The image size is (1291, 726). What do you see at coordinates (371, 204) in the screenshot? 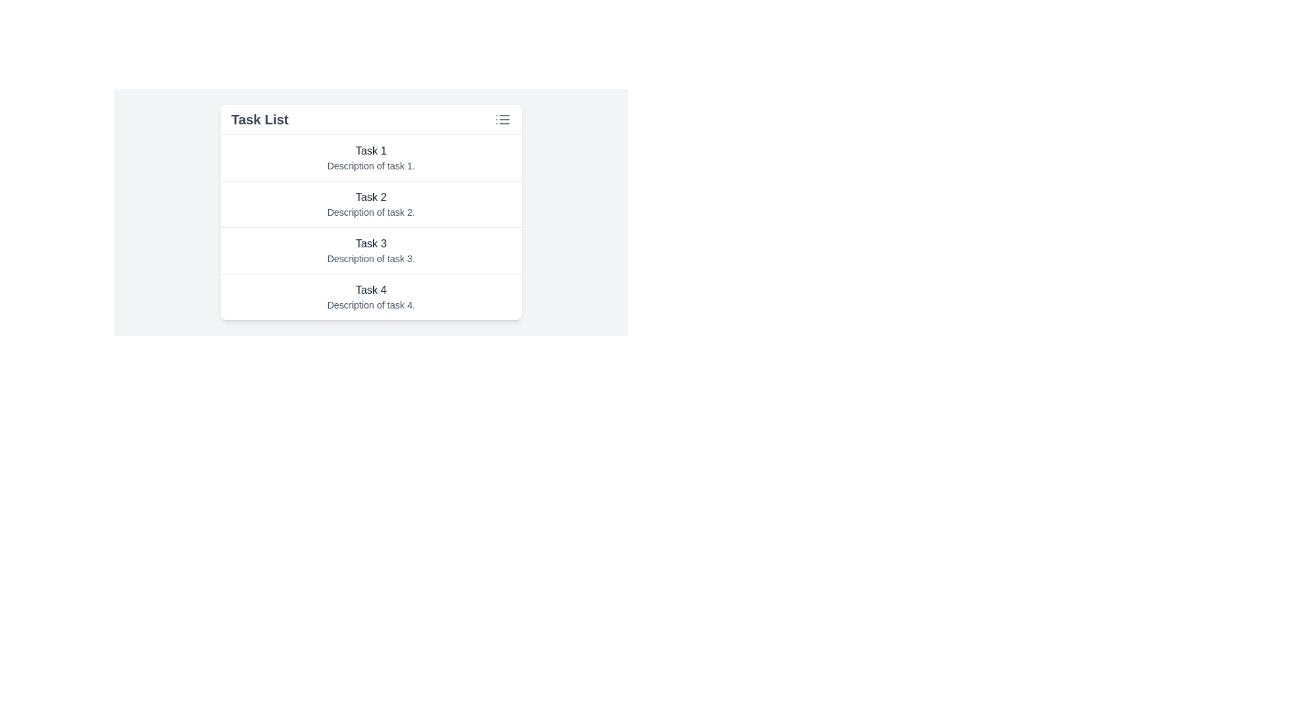
I see `the title of the second task entry in the task list` at bounding box center [371, 204].